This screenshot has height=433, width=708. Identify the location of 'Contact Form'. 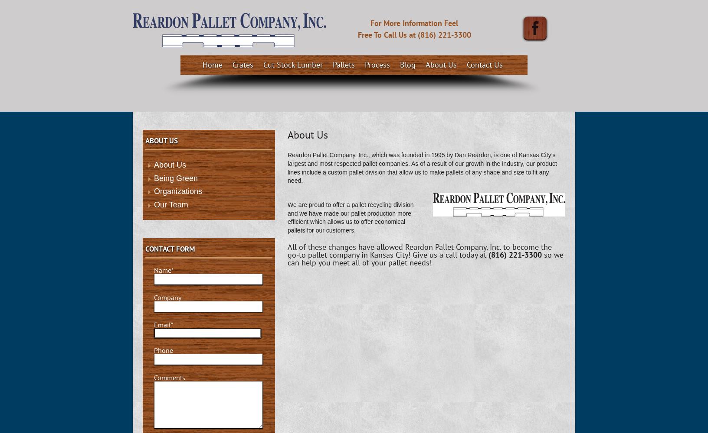
(170, 249).